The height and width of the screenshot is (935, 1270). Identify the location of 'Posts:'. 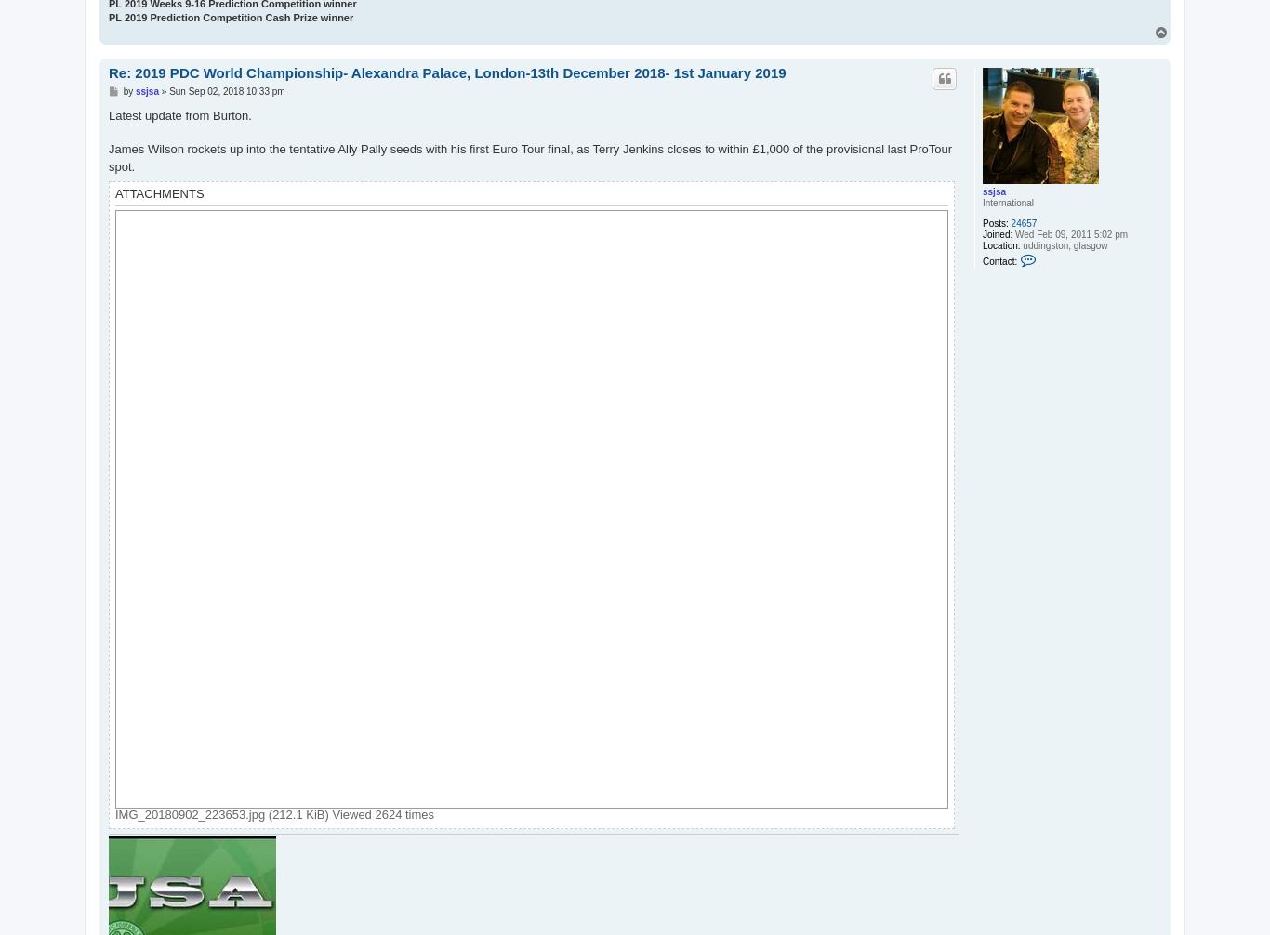
(994, 222).